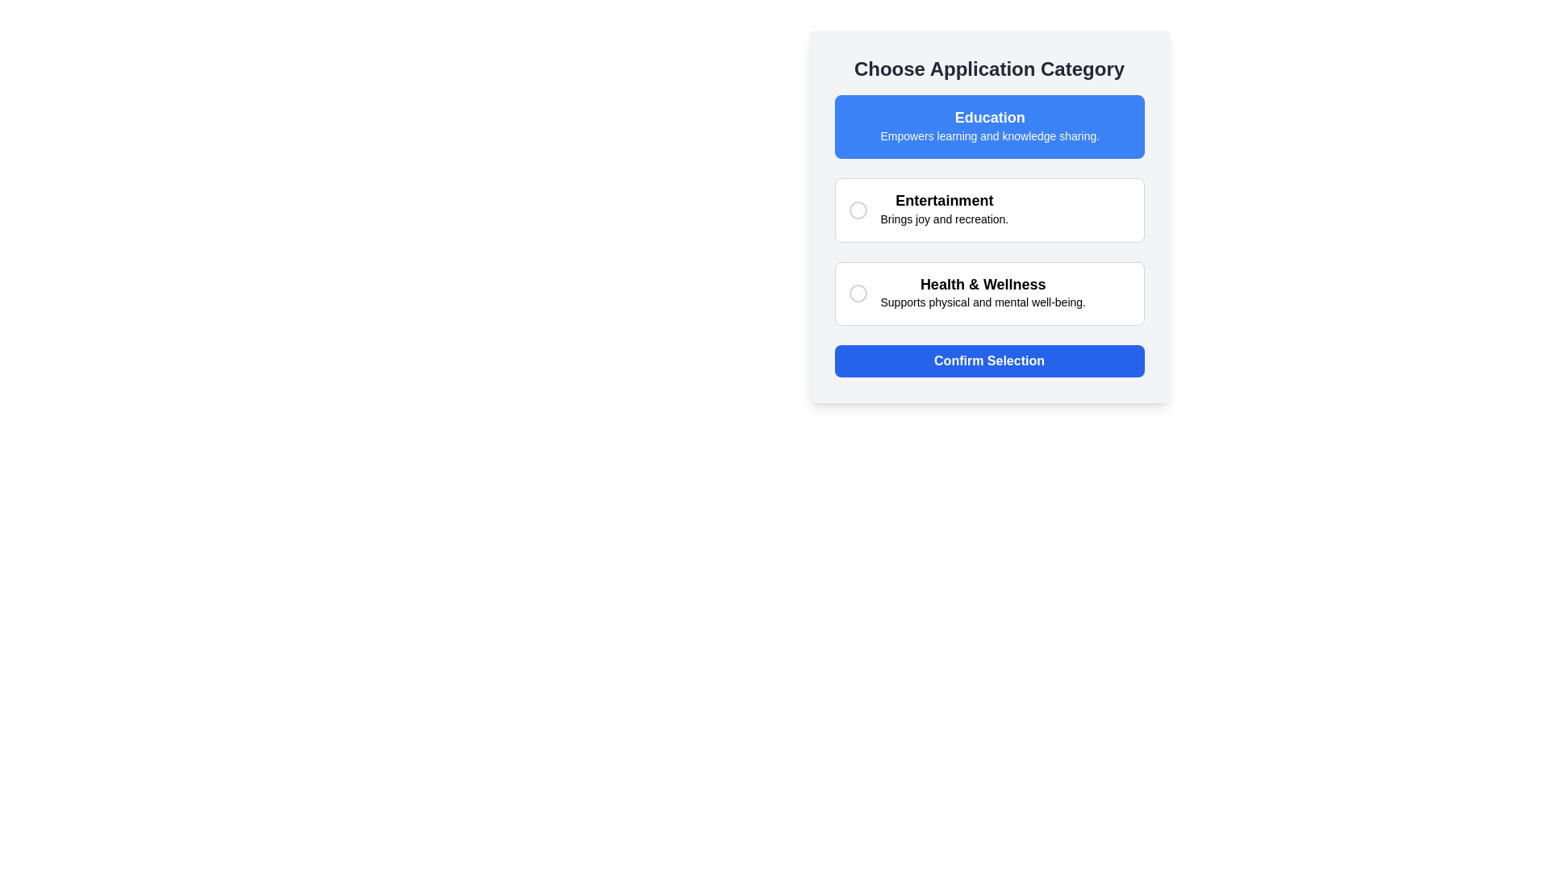 This screenshot has height=871, width=1549. Describe the element at coordinates (857, 294) in the screenshot. I see `the inactive radio button in the 'Health & Wellness' section` at that location.